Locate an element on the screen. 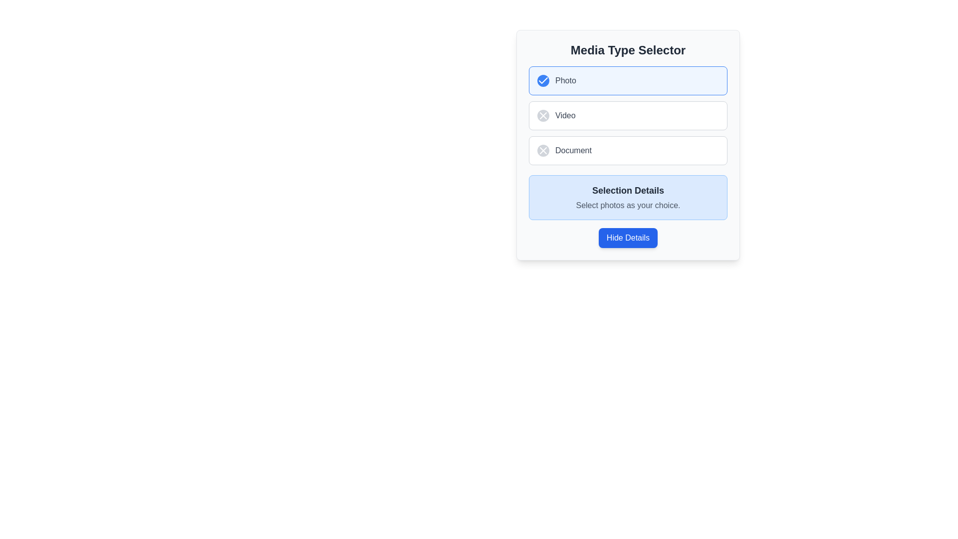 Image resolution: width=958 pixels, height=539 pixels. the 'Photo' text label, which is styled with a medium font and gray coloring, located at the top of the 'Media Type Selector' panel is located at coordinates (565, 80).